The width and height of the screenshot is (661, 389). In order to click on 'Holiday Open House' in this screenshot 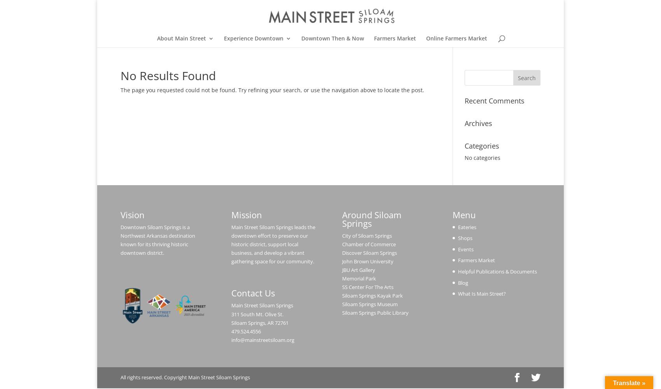, I will do `click(360, 299)`.